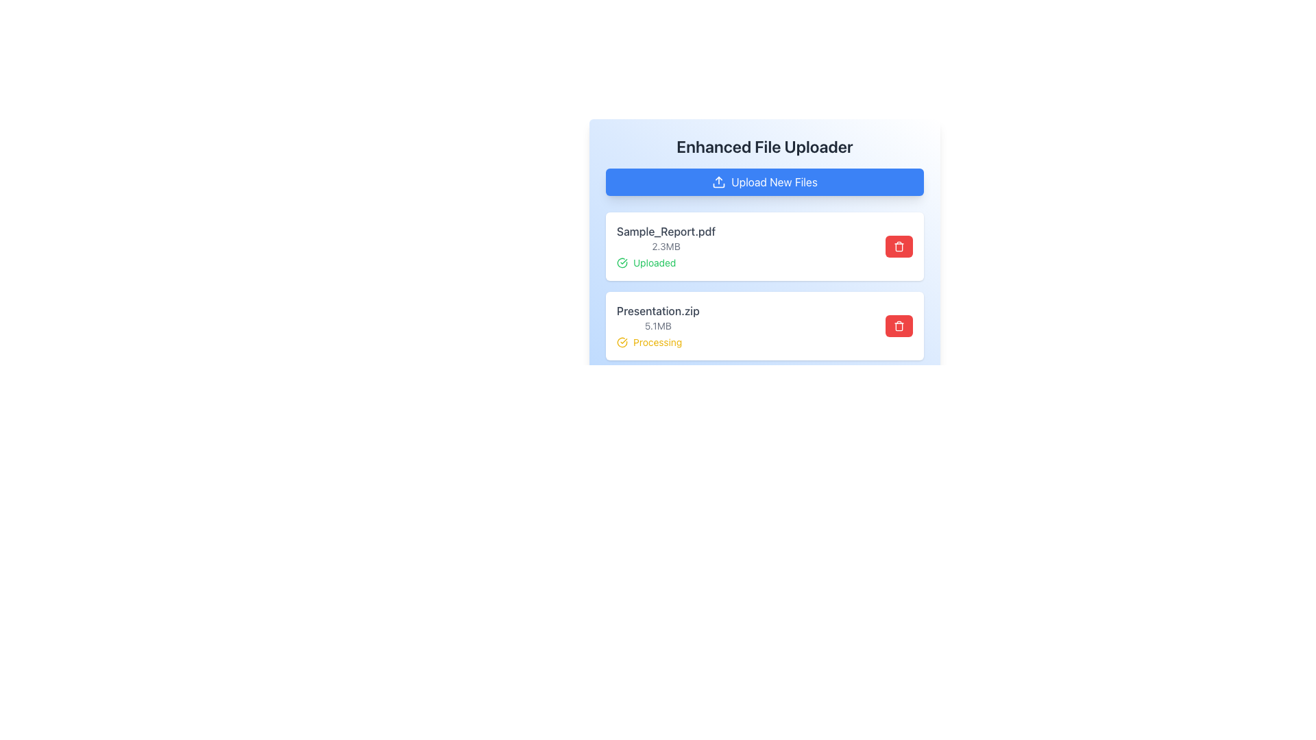  Describe the element at coordinates (764, 182) in the screenshot. I see `the 'Upload New Files' button located below the 'Enhanced File Uploader' heading` at that location.